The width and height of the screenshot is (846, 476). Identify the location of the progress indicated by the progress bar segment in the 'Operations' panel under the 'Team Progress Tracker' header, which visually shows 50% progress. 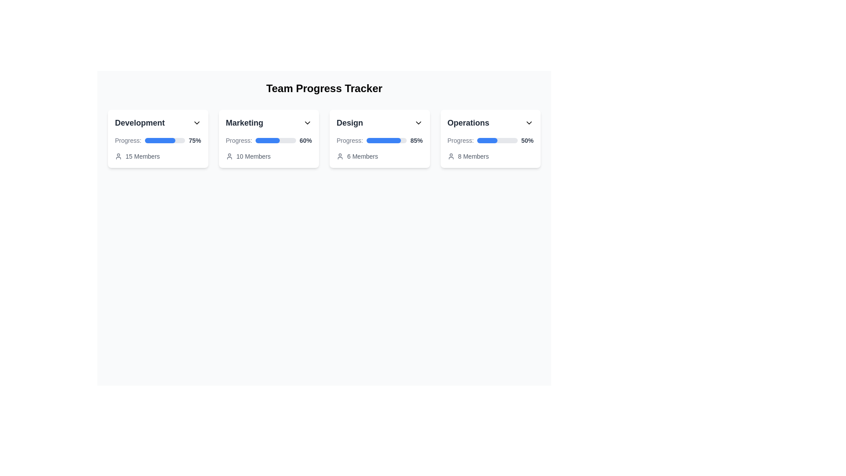
(487, 140).